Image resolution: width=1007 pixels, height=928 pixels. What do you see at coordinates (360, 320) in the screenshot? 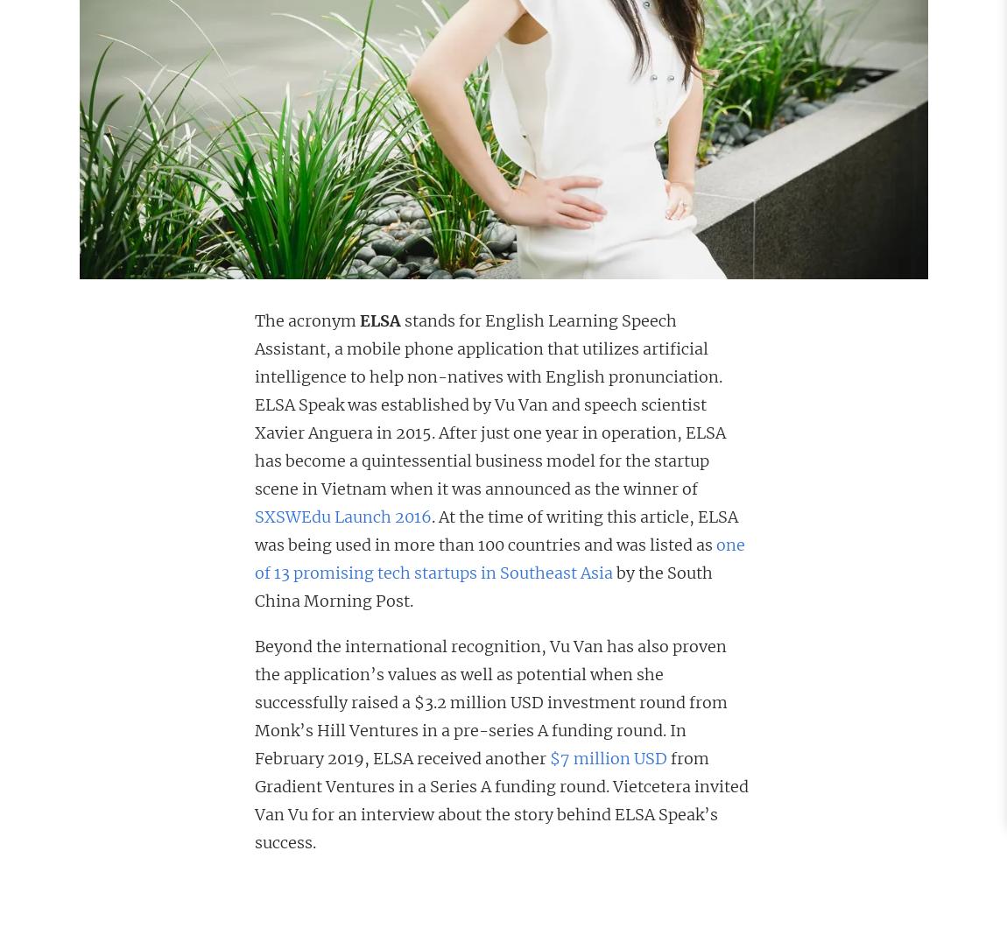
I see `'ELSA'` at bounding box center [360, 320].